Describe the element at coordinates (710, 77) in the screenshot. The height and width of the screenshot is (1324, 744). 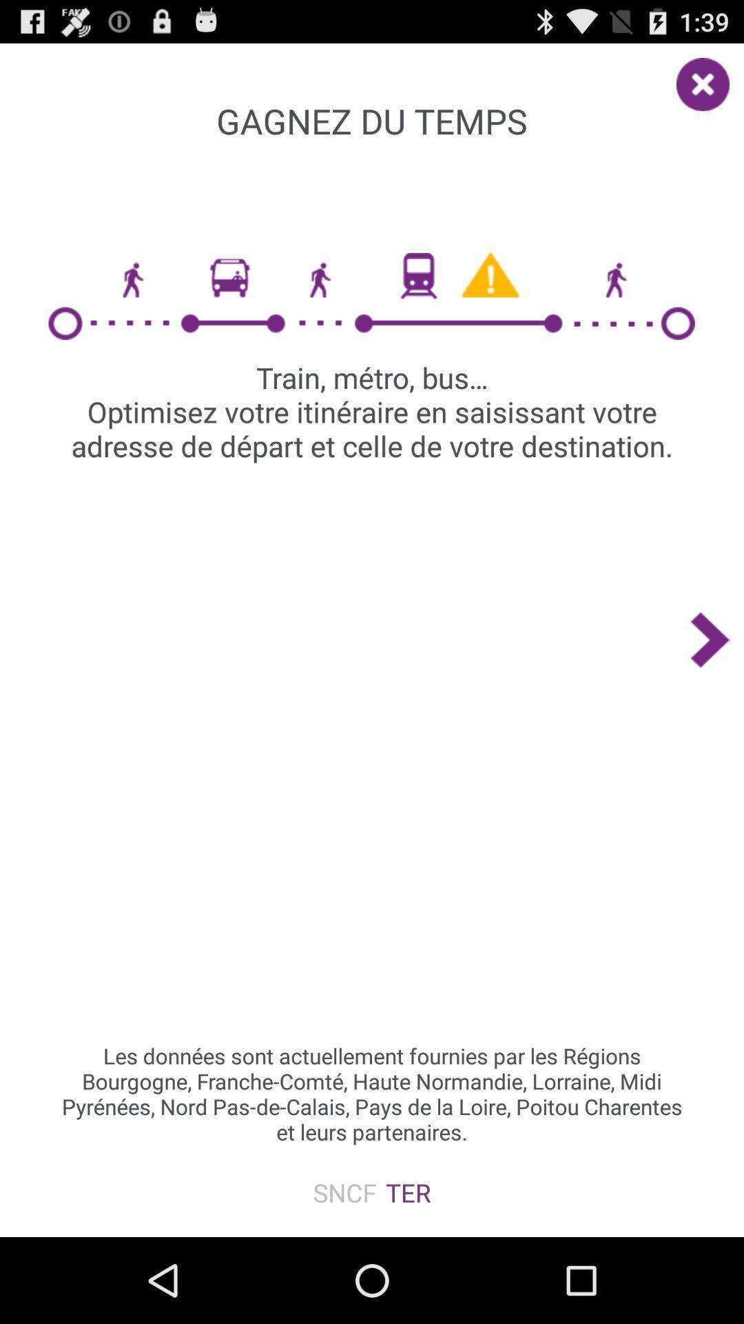
I see `item next to the gagnez du temps` at that location.